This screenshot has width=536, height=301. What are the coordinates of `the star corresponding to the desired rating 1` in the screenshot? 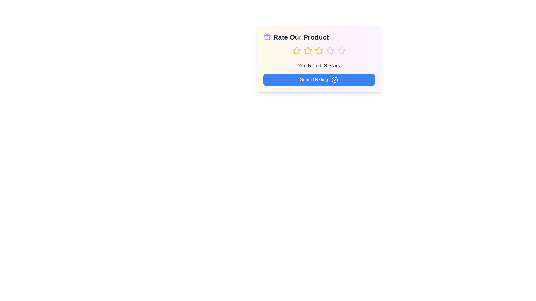 It's located at (296, 50).